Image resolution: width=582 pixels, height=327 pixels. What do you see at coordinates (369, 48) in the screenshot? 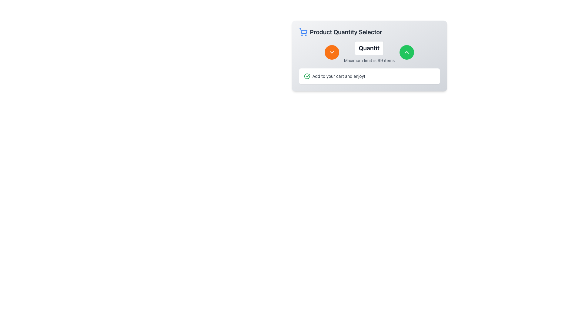
I see `the text input field labeled 'Quantity: 1' to activate any hover-specific effects` at bounding box center [369, 48].